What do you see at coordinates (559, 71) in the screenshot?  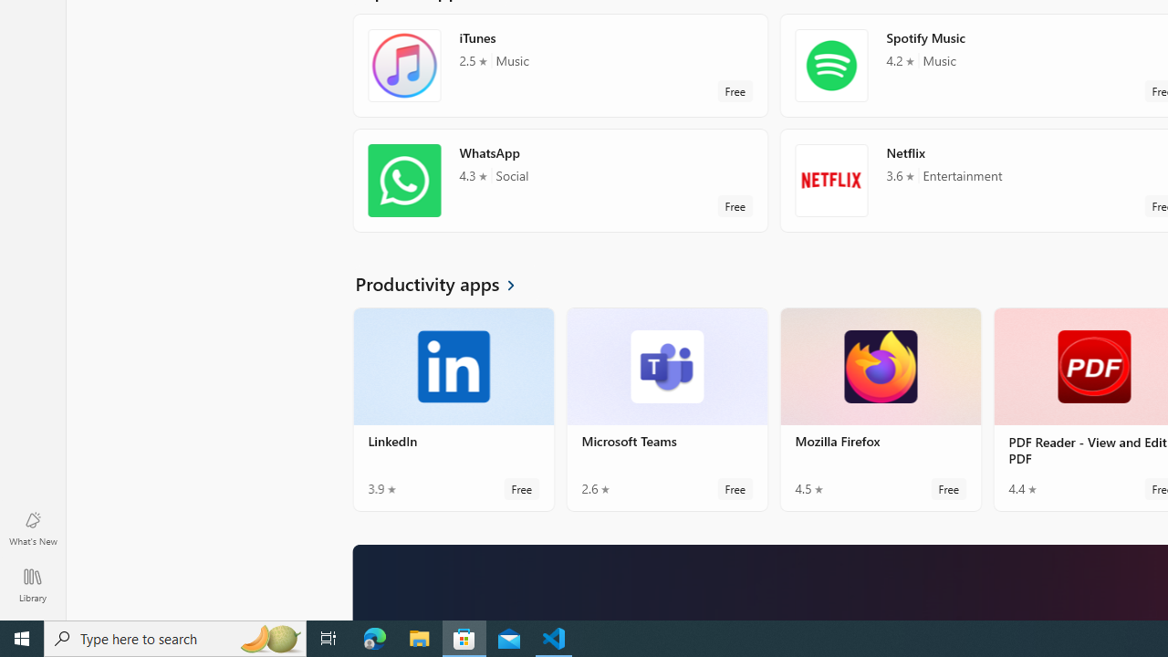 I see `'iTunes. Average rating of 2.5 out of five stars. Free  '` at bounding box center [559, 71].